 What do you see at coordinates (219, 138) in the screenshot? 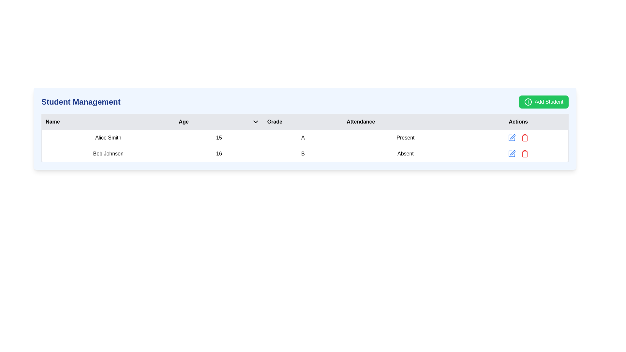
I see `the static text element displaying the number '15' in the 'Age' column for the student 'Alice Smith' in the table` at bounding box center [219, 138].